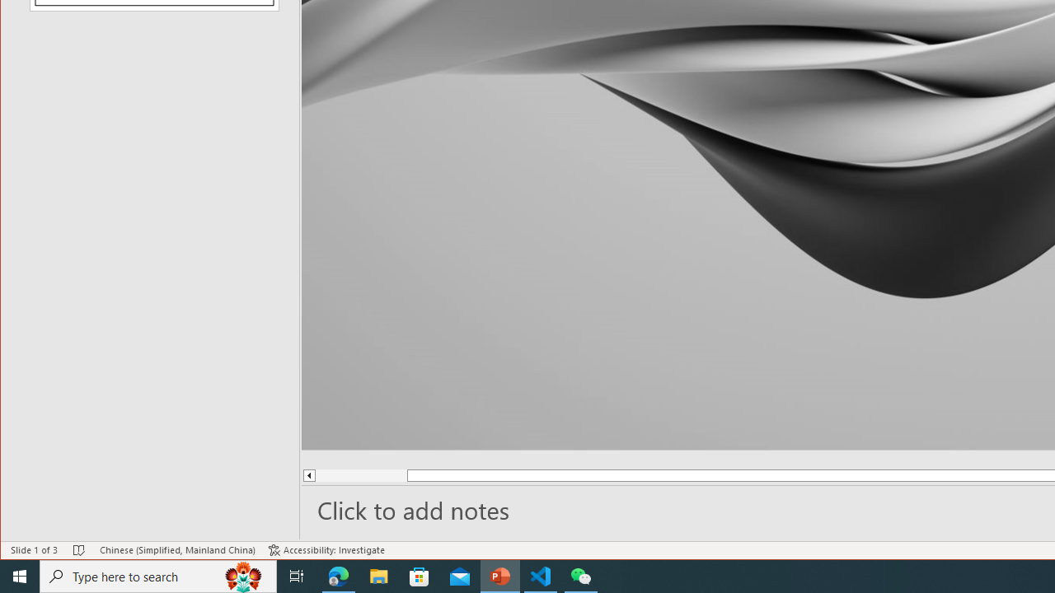 The width and height of the screenshot is (1055, 593). What do you see at coordinates (338, 575) in the screenshot?
I see `'Microsoft Edge - 1 running window'` at bounding box center [338, 575].